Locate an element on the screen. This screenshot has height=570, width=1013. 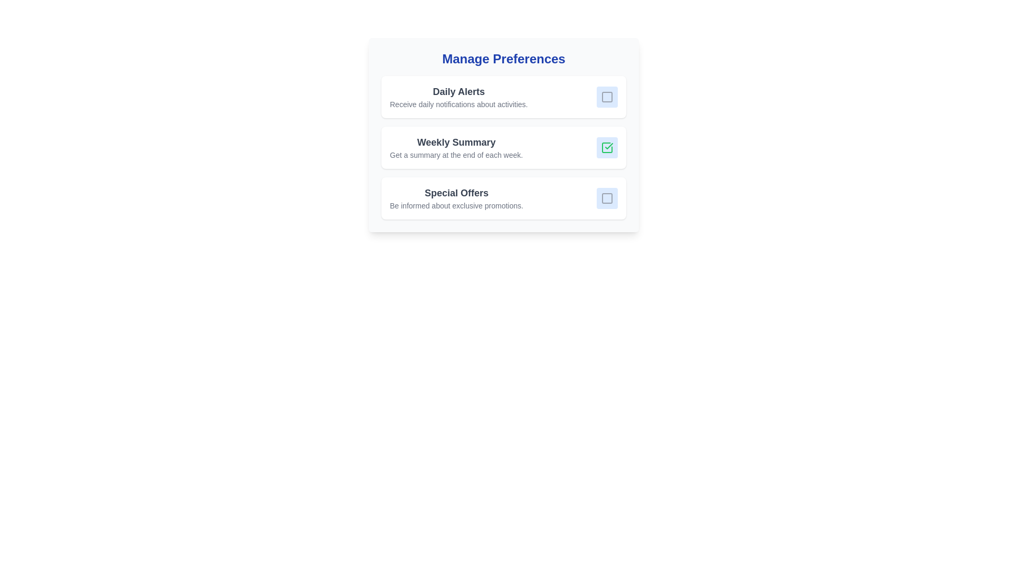
the text block displaying 'Weekly Summary' and its description 'Get a summary at the end of each week.', which is the second item in a stacked list of preference settings is located at coordinates (456, 148).